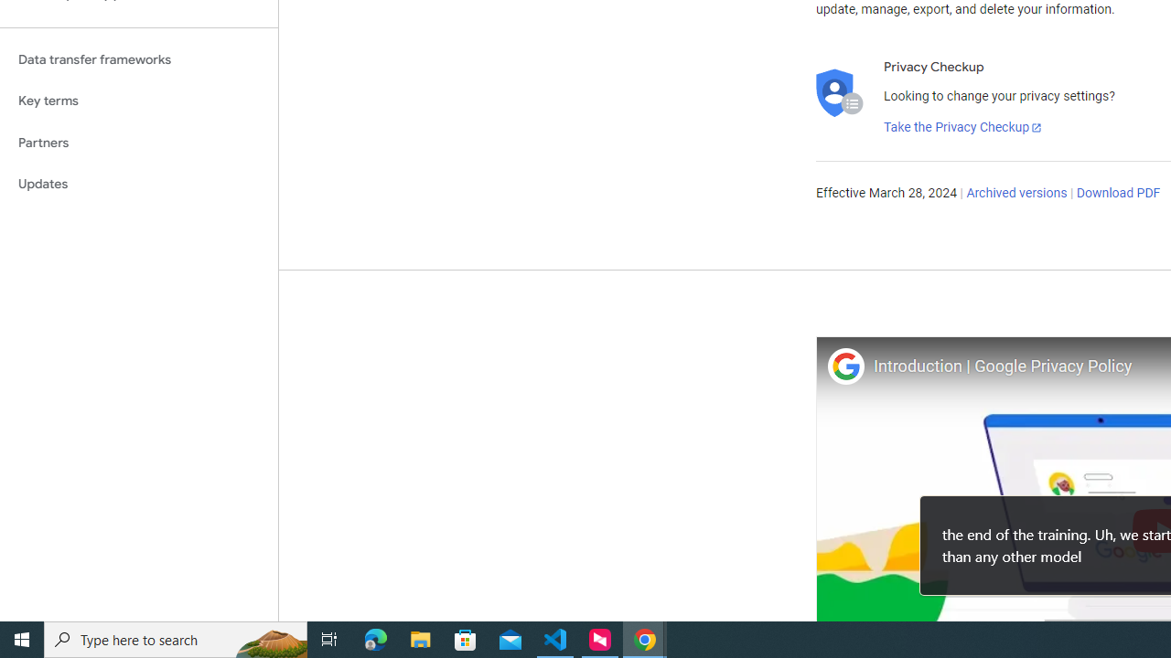 The width and height of the screenshot is (1171, 658). What do you see at coordinates (962, 127) in the screenshot?
I see `'Take the Privacy Checkup'` at bounding box center [962, 127].